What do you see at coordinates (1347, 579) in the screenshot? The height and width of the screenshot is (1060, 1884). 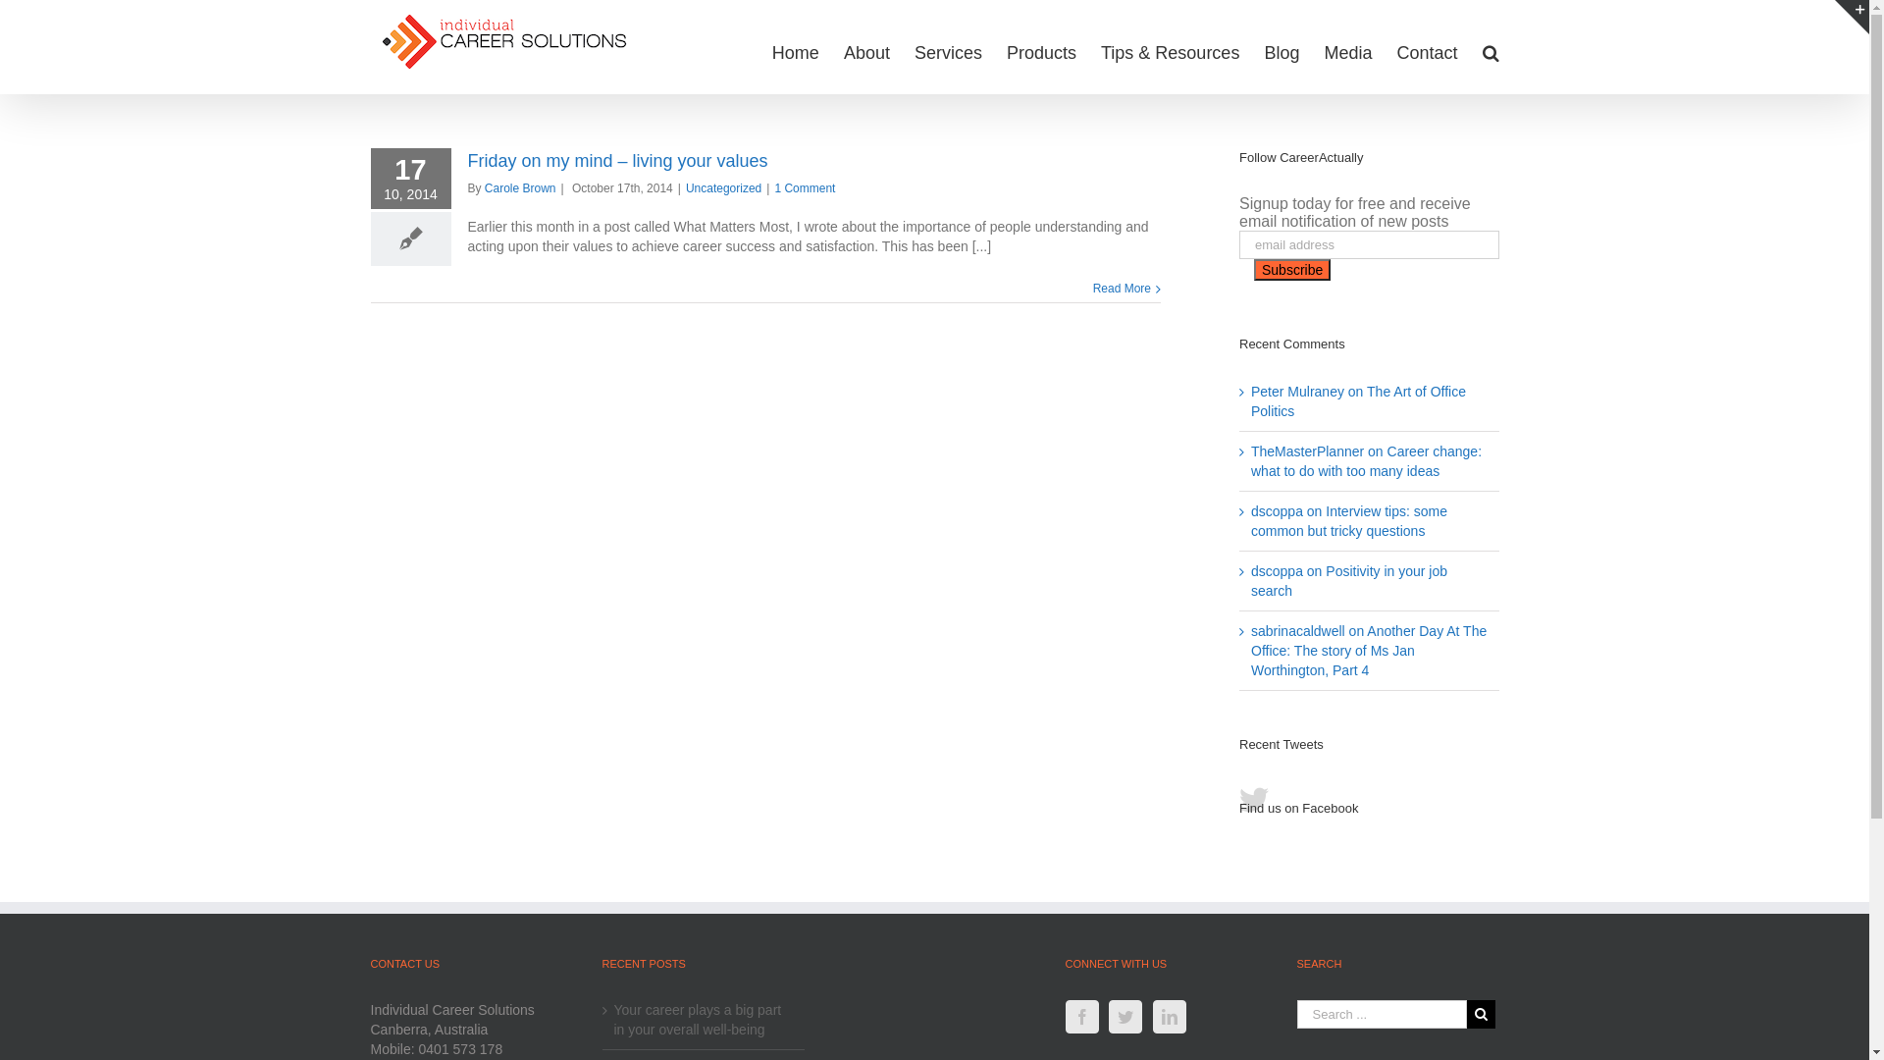 I see `'Positivity in your job search'` at bounding box center [1347, 579].